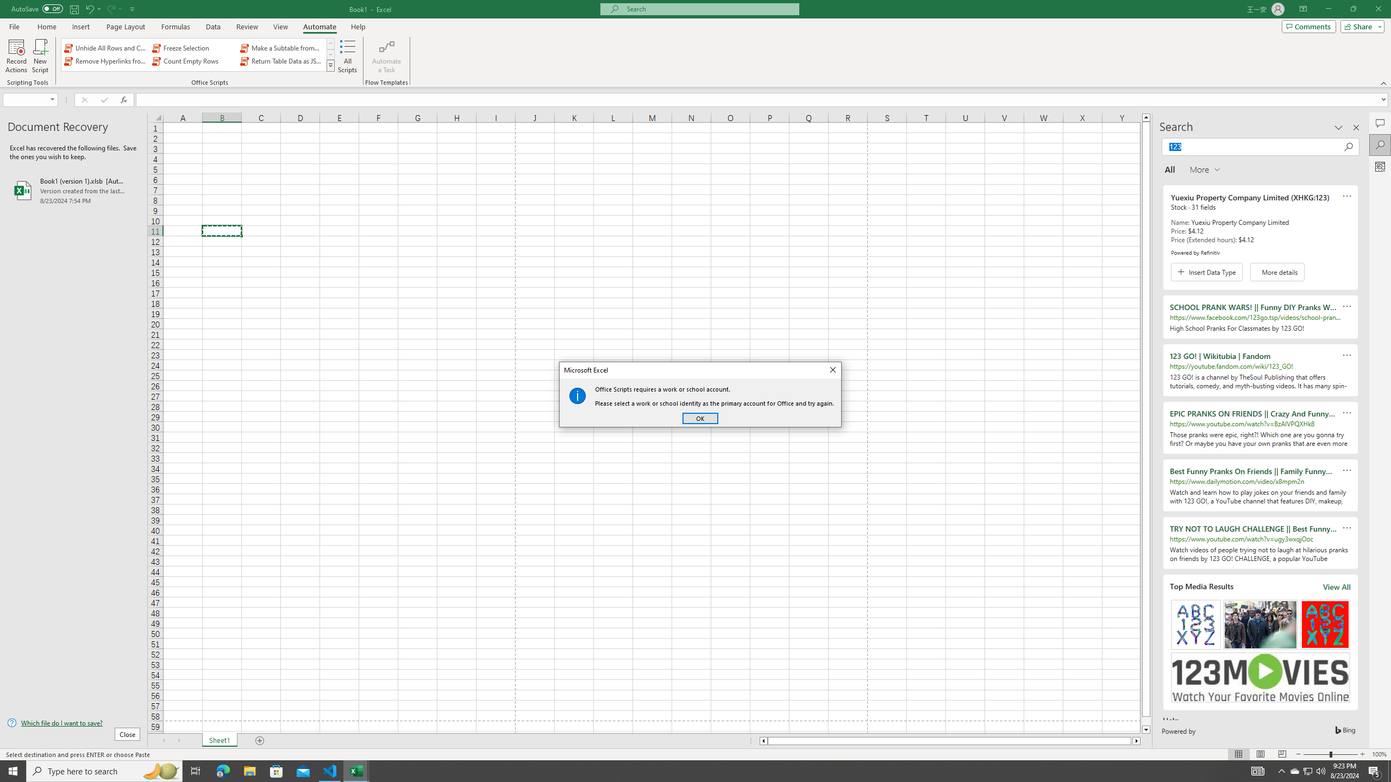 This screenshot has width=1391, height=782. Describe the element at coordinates (1136, 740) in the screenshot. I see `'Column right'` at that location.